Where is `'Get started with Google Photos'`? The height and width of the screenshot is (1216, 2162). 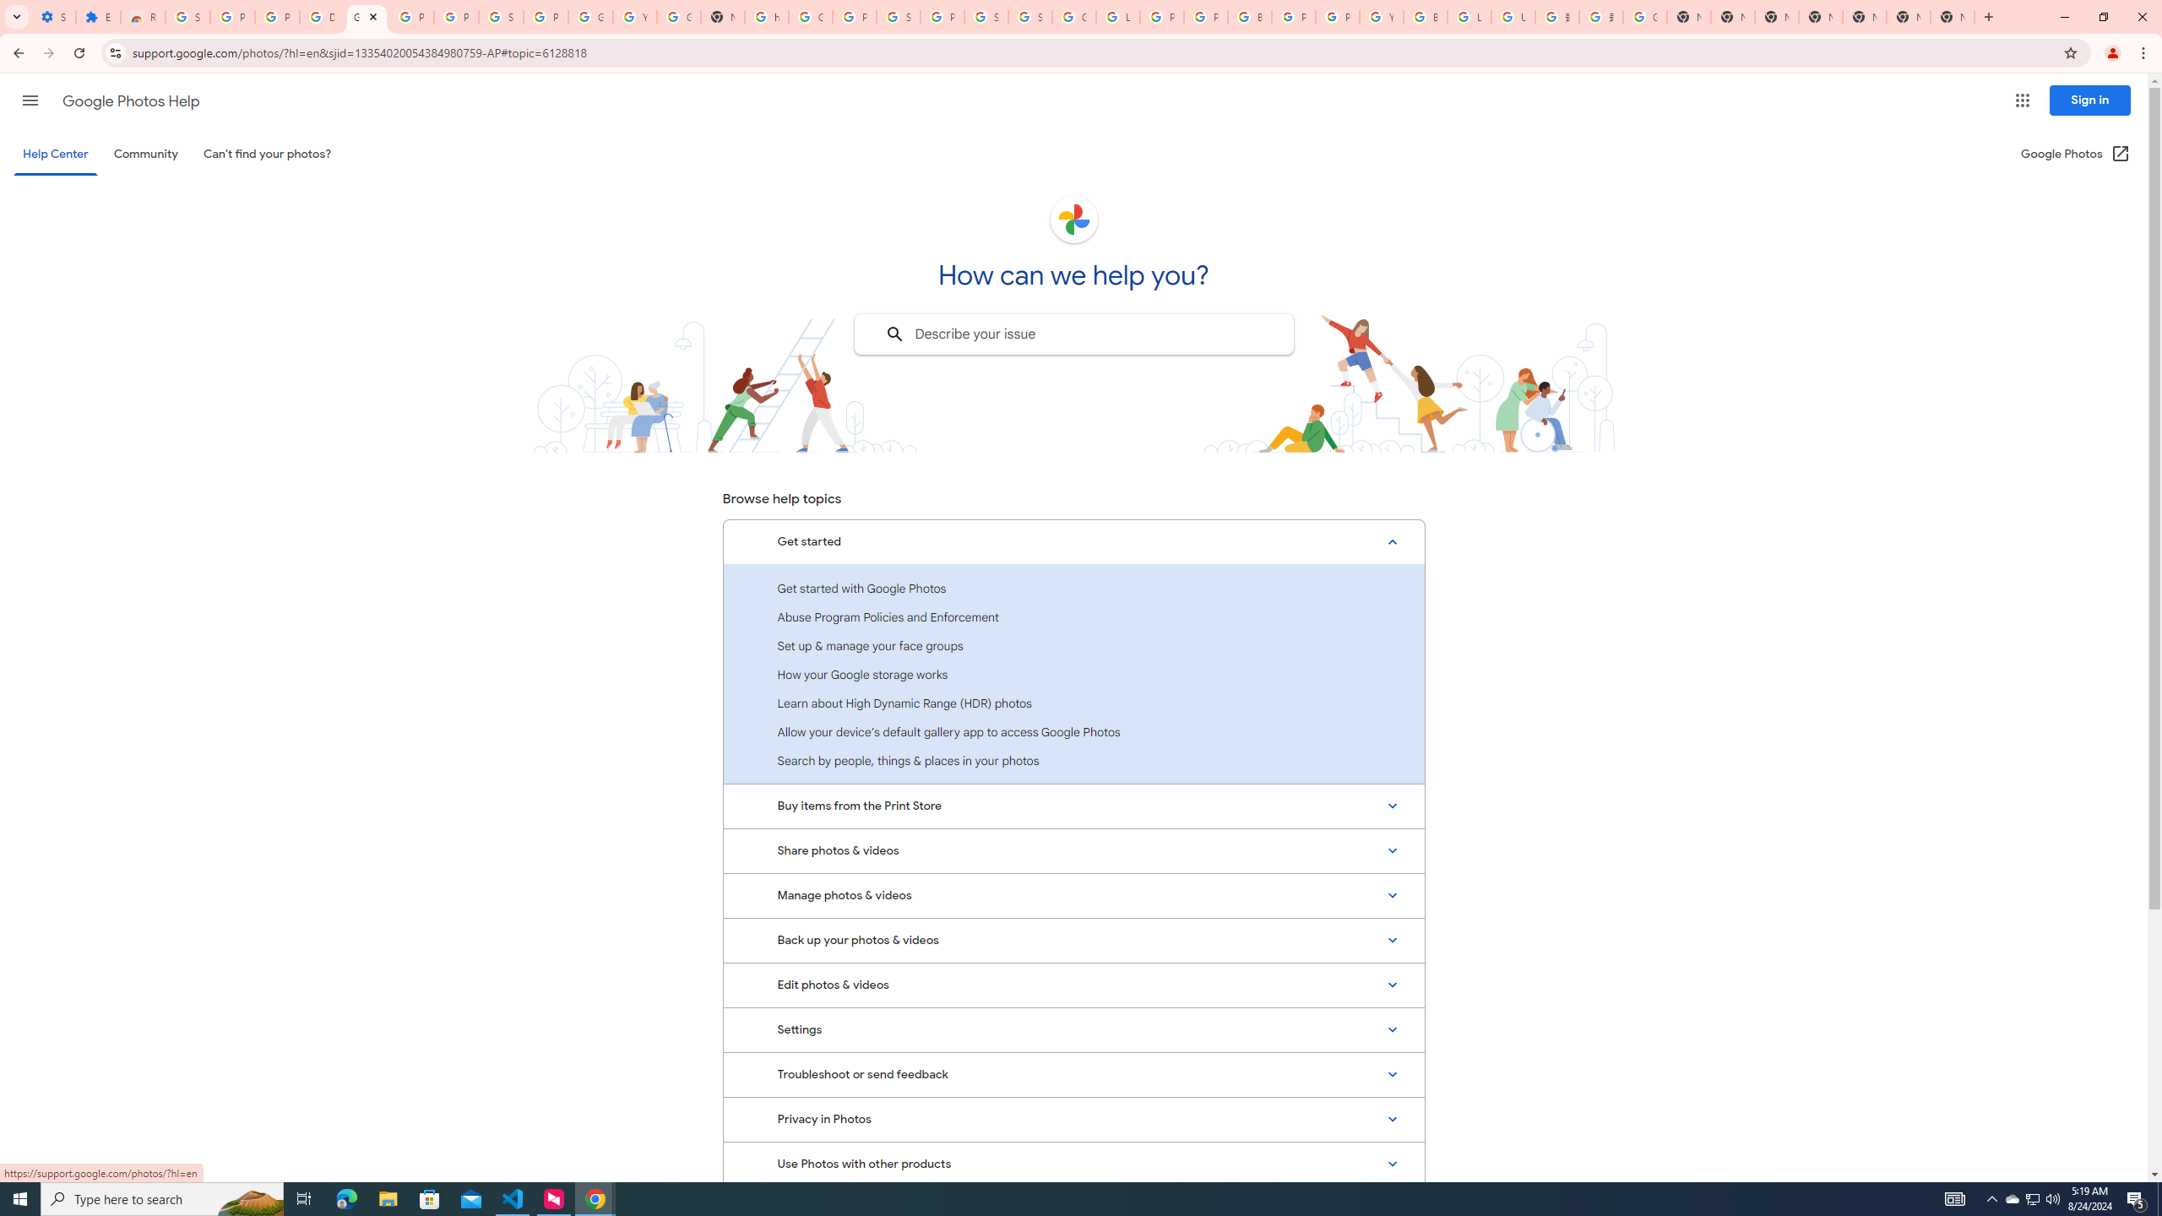
'Get started with Google Photos' is located at coordinates (1073, 588).